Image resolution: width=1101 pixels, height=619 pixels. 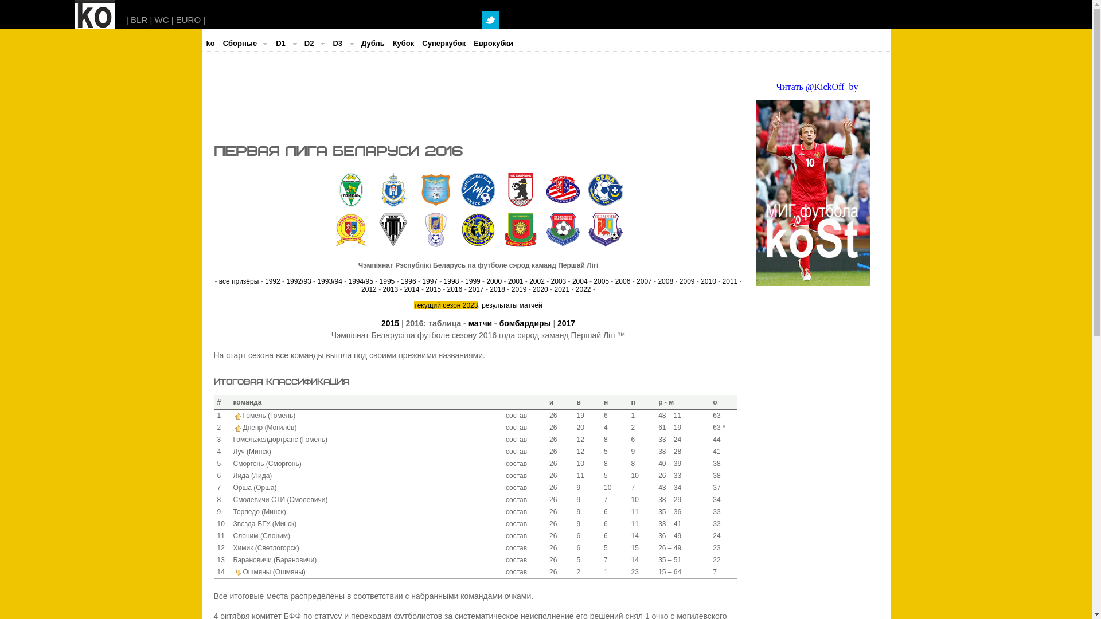 I want to click on '1992/93', so click(x=298, y=281).